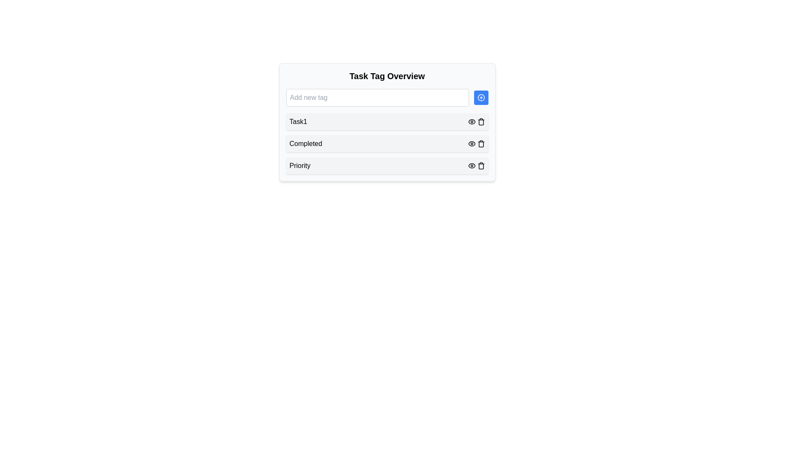 This screenshot has height=457, width=812. What do you see at coordinates (481, 122) in the screenshot?
I see `the trash can icon button, which is the second interactive element next to the eye icon` at bounding box center [481, 122].